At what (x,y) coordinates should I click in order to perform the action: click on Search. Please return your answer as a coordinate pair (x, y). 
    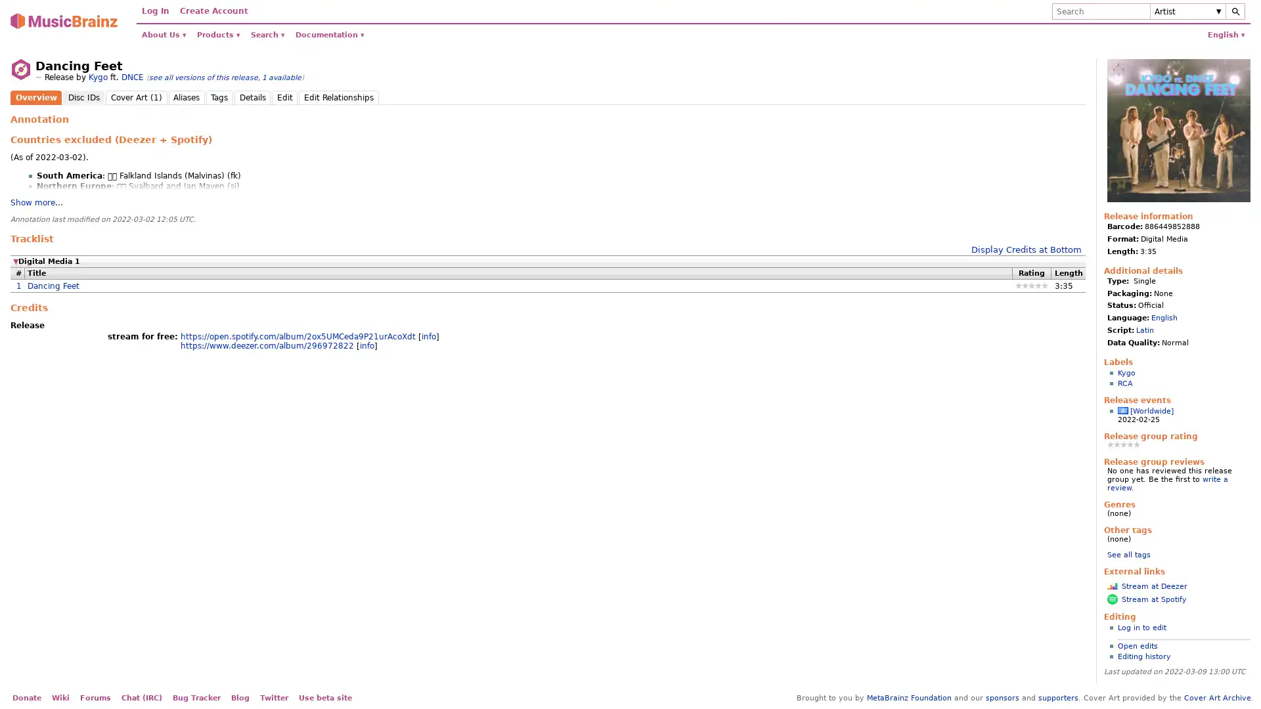
    Looking at the image, I should click on (1235, 11).